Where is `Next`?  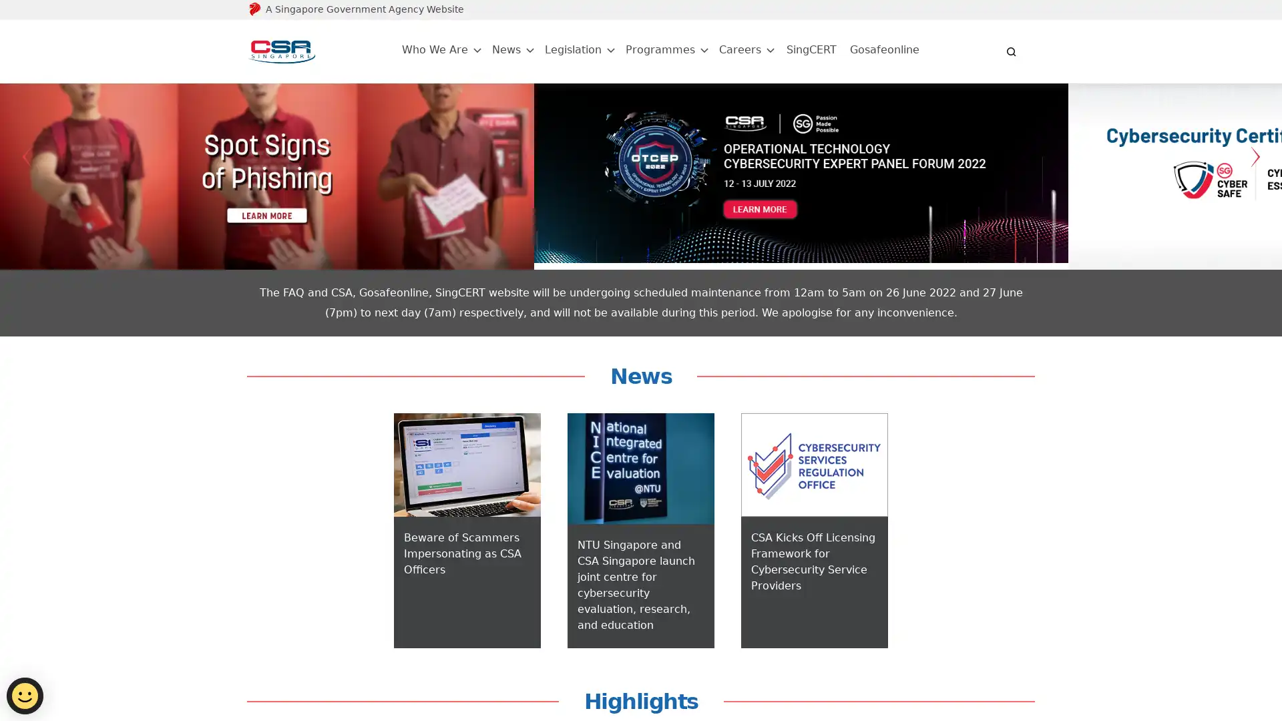 Next is located at coordinates (1255, 187).